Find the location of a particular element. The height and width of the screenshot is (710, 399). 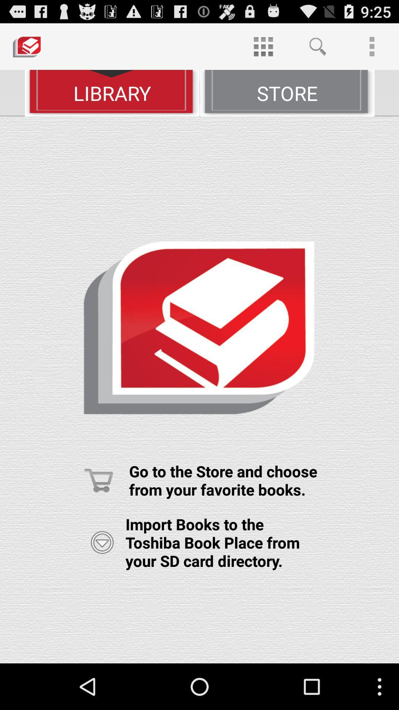

go get a fravorit book is located at coordinates (199, 389).